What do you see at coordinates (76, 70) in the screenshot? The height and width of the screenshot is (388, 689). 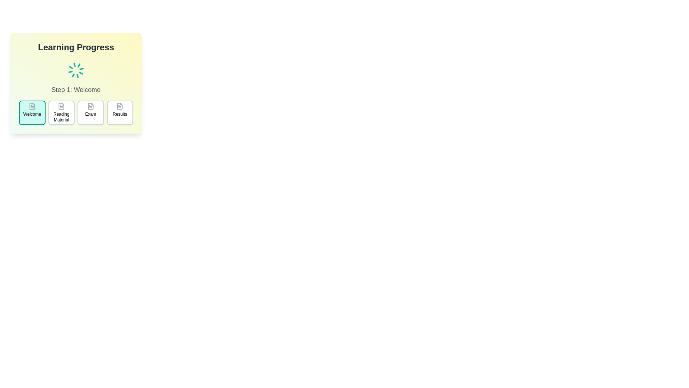 I see `the Spinner loading indicator located in the upper central area within the card under the 'Learning Progress' header, indicating that an action is in progress` at bounding box center [76, 70].